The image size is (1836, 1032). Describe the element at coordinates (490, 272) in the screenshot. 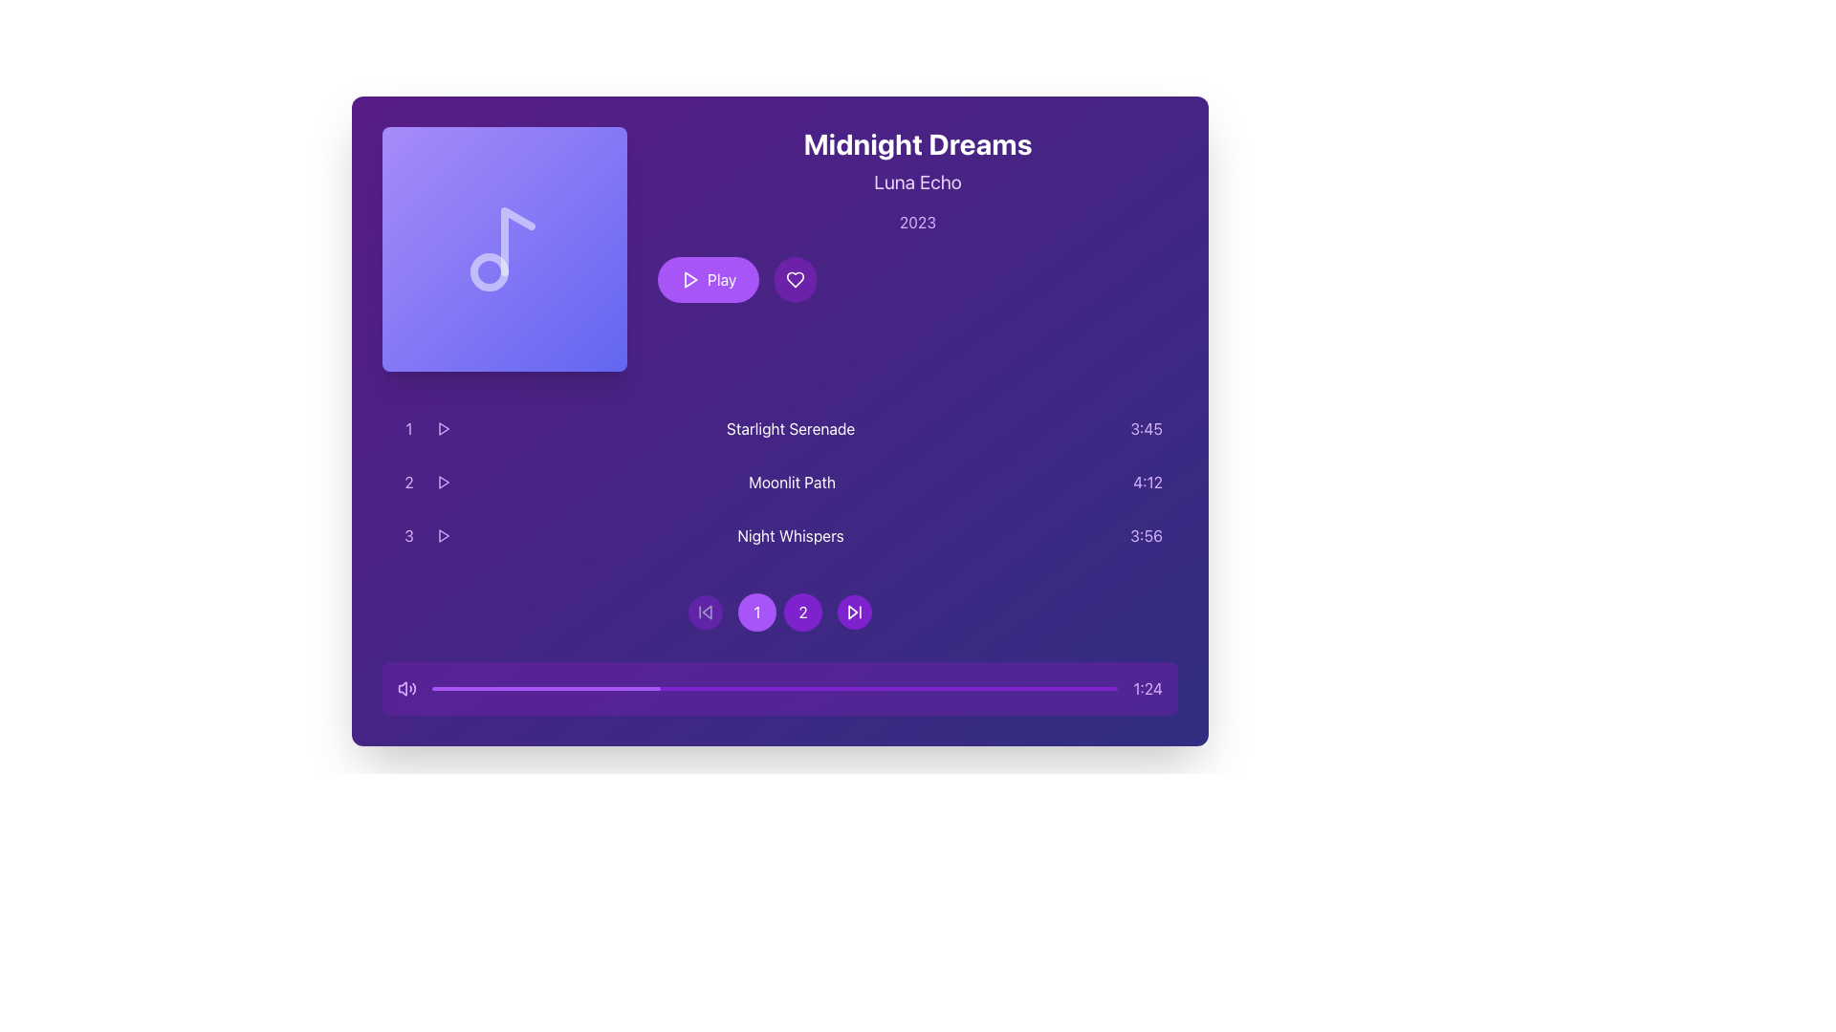

I see `the small circular SVG element located within the musical note icon at the top-left of the interface` at that location.